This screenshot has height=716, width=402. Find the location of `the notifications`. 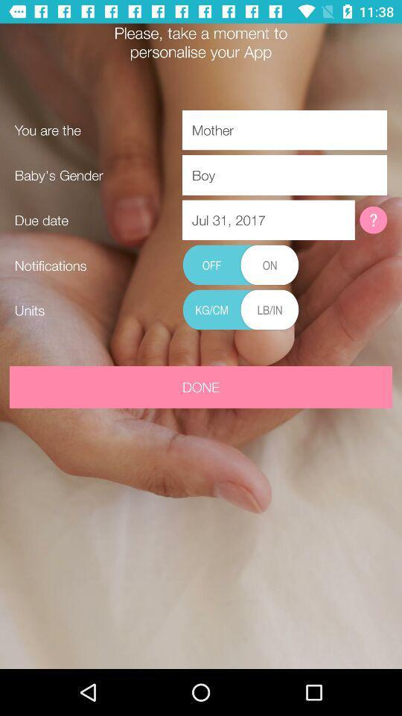

the notifications is located at coordinates (240, 266).